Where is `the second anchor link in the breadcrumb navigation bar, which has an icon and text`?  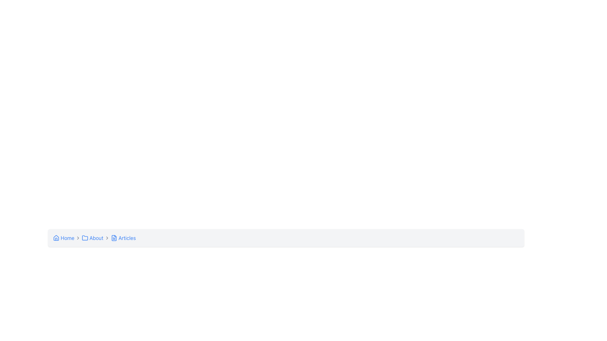
the second anchor link in the breadcrumb navigation bar, which has an icon and text is located at coordinates (92, 238).